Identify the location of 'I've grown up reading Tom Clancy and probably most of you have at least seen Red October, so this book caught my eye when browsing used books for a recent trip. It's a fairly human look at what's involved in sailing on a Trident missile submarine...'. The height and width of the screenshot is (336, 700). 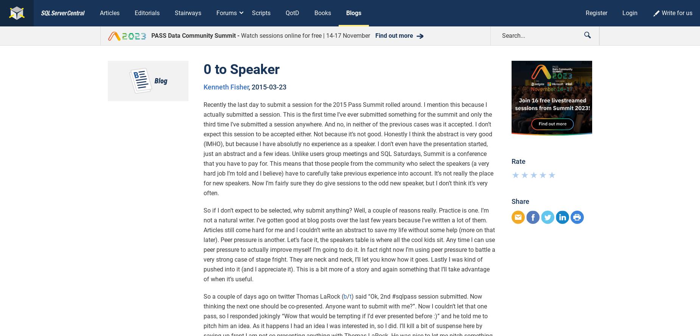
(350, 328).